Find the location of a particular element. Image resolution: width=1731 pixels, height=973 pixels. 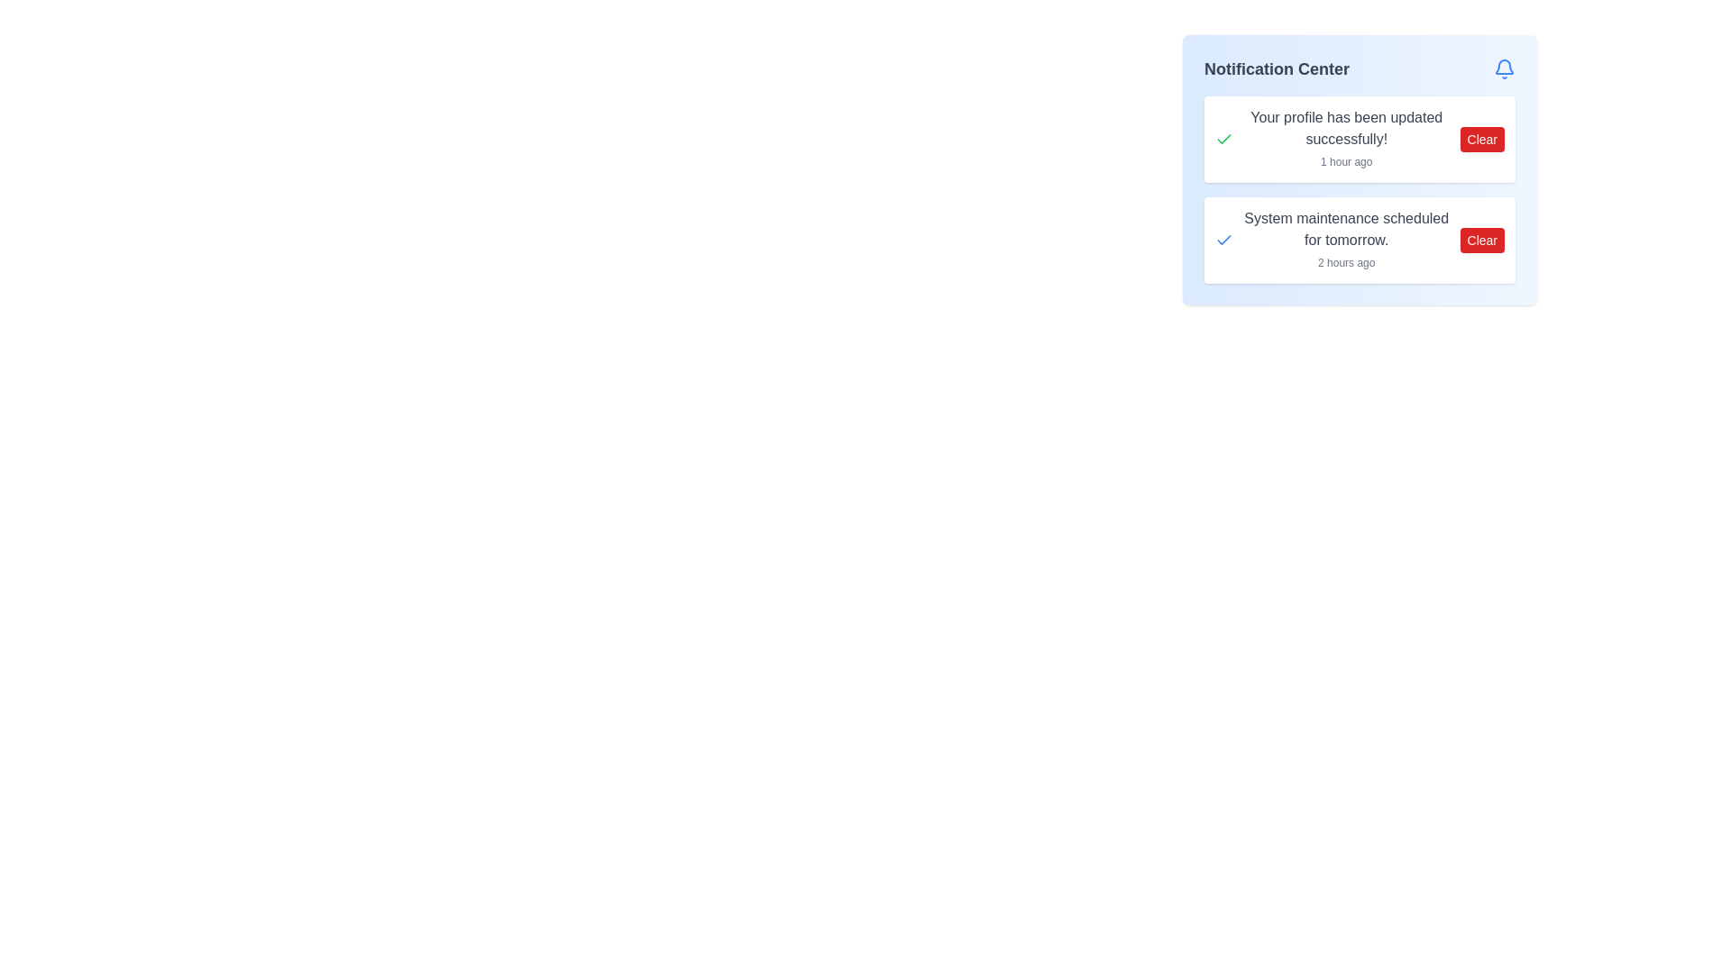

time-related information text label located below the notification message 'Your profile has been updated successfully!' in the top-right corner of the interface is located at coordinates (1346, 162).